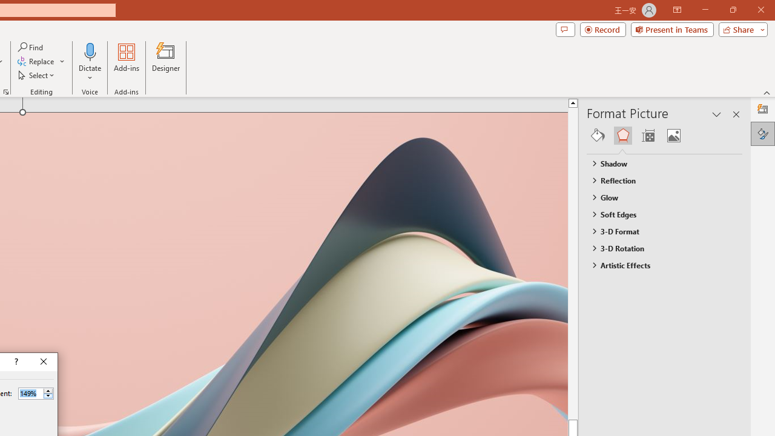  Describe the element at coordinates (664, 135) in the screenshot. I see `'Class: NetUIGalleryContainer'` at that location.